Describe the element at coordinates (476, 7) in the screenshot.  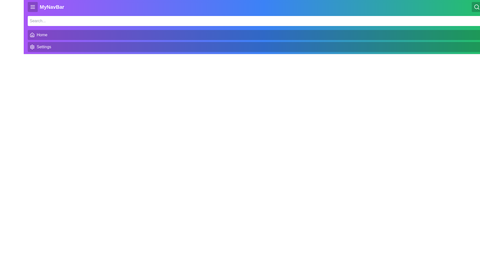
I see `the circular part of the magnifying glass icon located in the top-right corner of the interface, which is an SVG circle used for decorative purposes` at that location.